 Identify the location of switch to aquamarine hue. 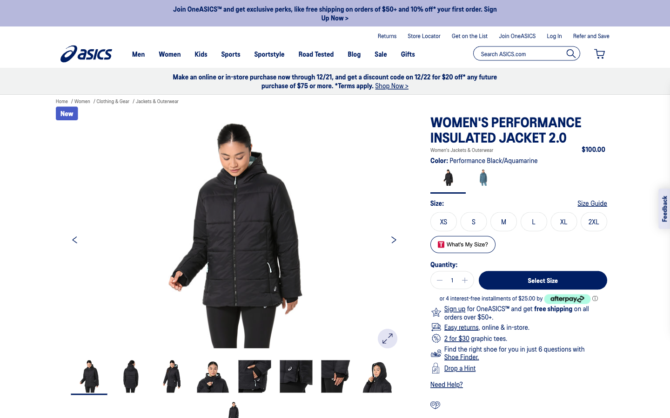
(483, 179).